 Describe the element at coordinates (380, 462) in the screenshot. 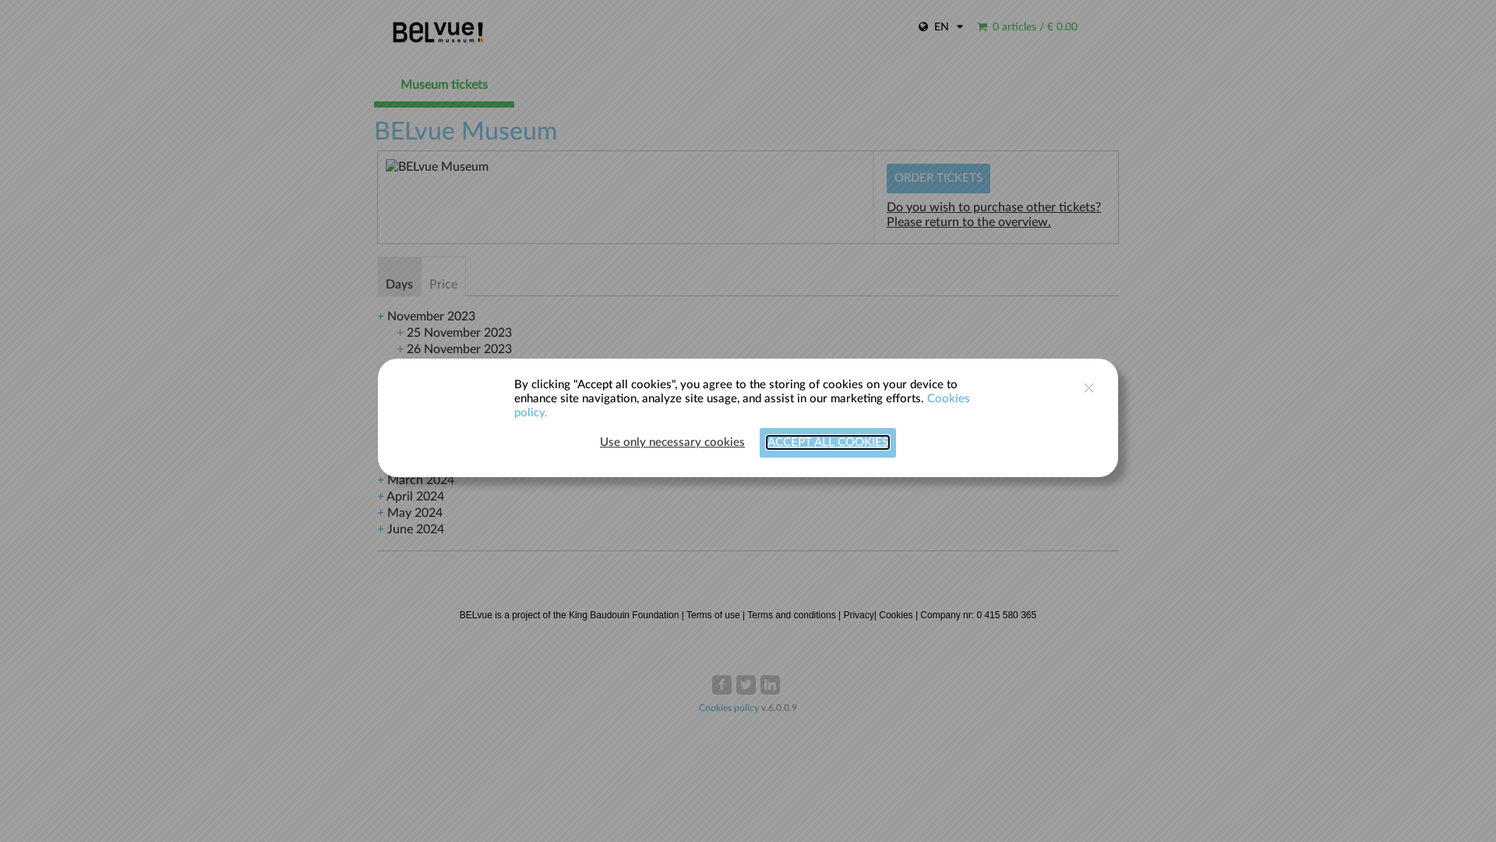

I see `'+'` at that location.